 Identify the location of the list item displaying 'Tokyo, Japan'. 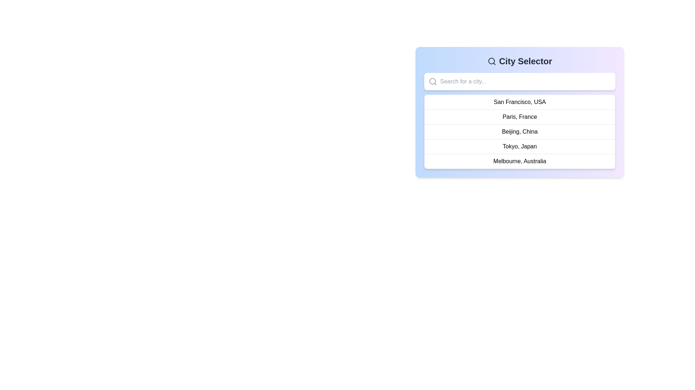
(519, 146).